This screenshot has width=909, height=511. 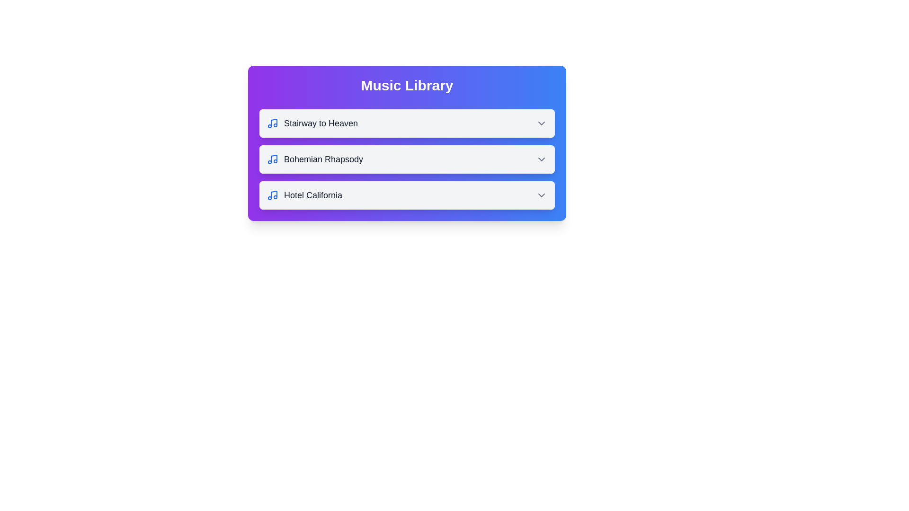 What do you see at coordinates (321, 123) in the screenshot?
I see `the text label displaying 'Stairway to Heaven', styled with a medium-sized gray font, located in the 'Music Library' section next to a blue musical note icon` at bounding box center [321, 123].